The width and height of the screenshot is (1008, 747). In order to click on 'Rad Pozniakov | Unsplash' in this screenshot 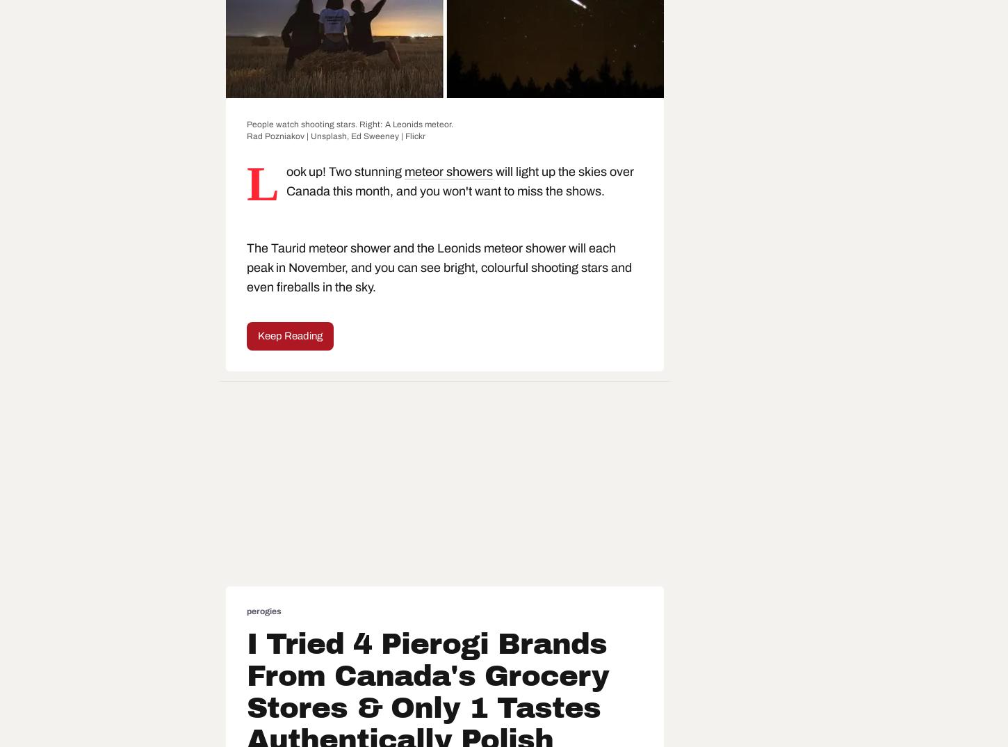, I will do `click(296, 136)`.